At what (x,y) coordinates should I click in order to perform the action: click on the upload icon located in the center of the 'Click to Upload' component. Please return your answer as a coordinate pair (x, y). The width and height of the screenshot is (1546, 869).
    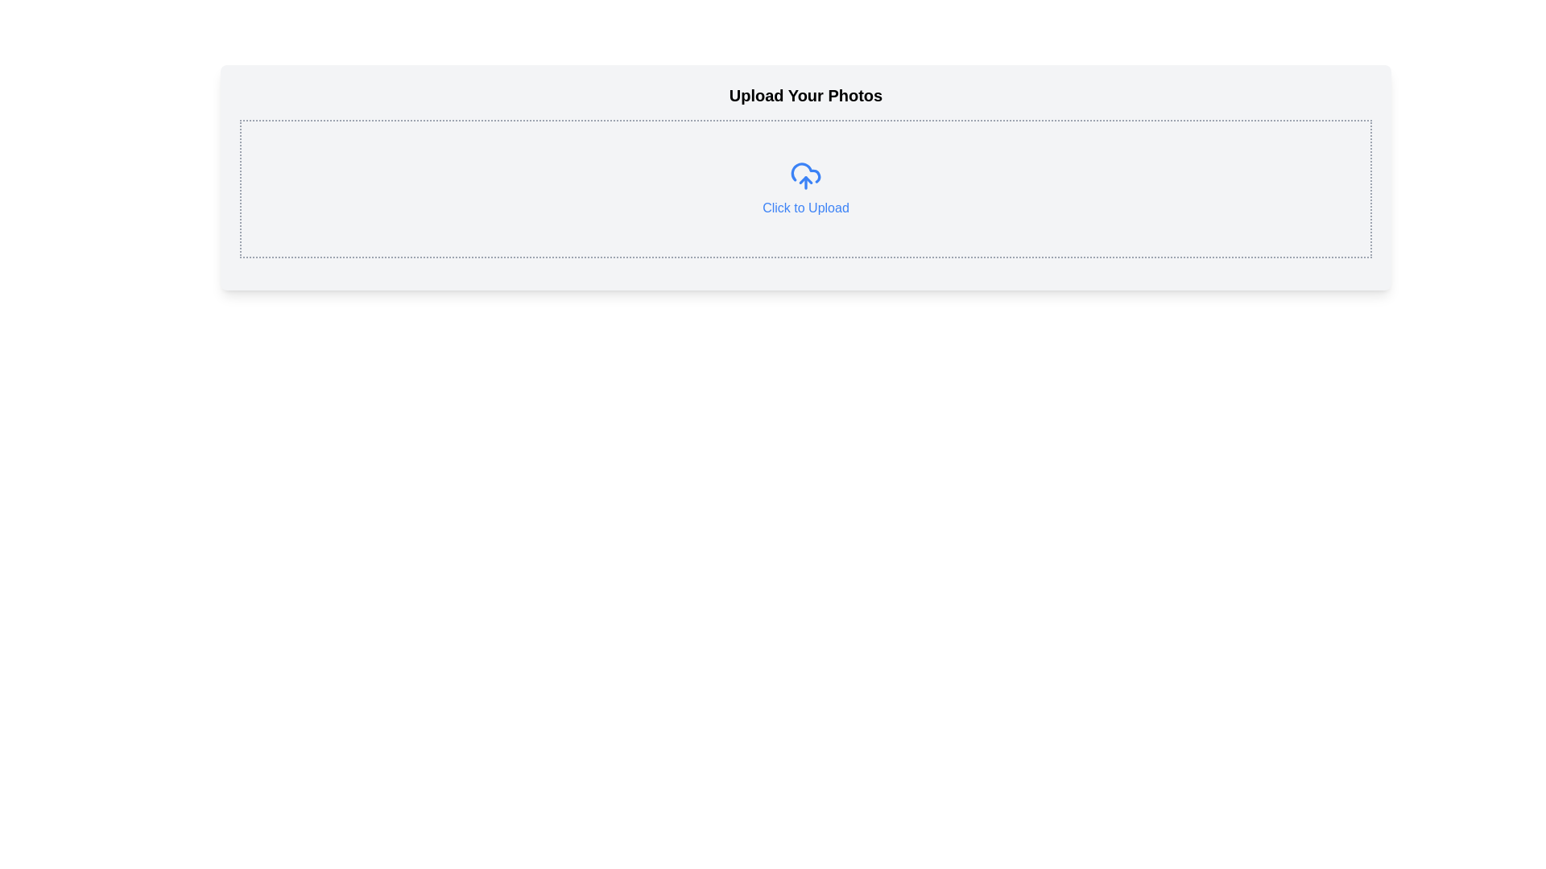
    Looking at the image, I should click on (805, 176).